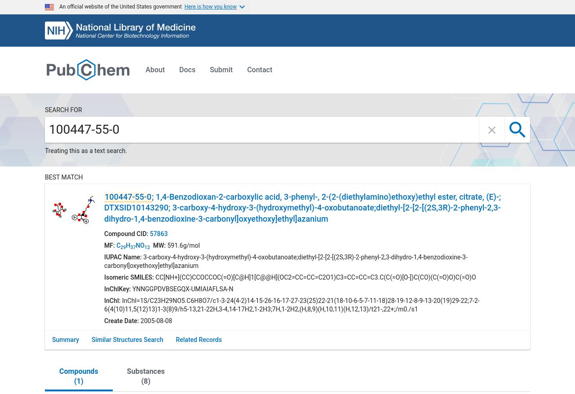  Describe the element at coordinates (190, 245) in the screenshot. I see `'g/mol'` at that location.